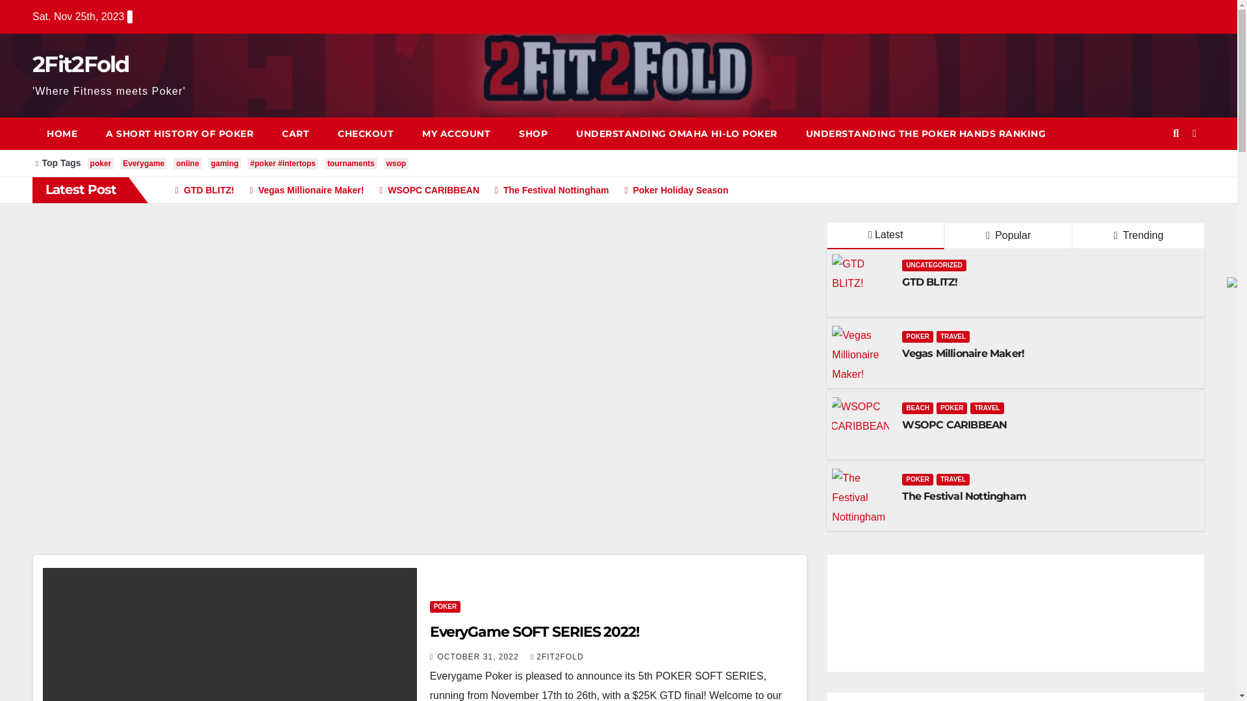 This screenshot has width=1247, height=701. What do you see at coordinates (143, 162) in the screenshot?
I see `'Everygame'` at bounding box center [143, 162].